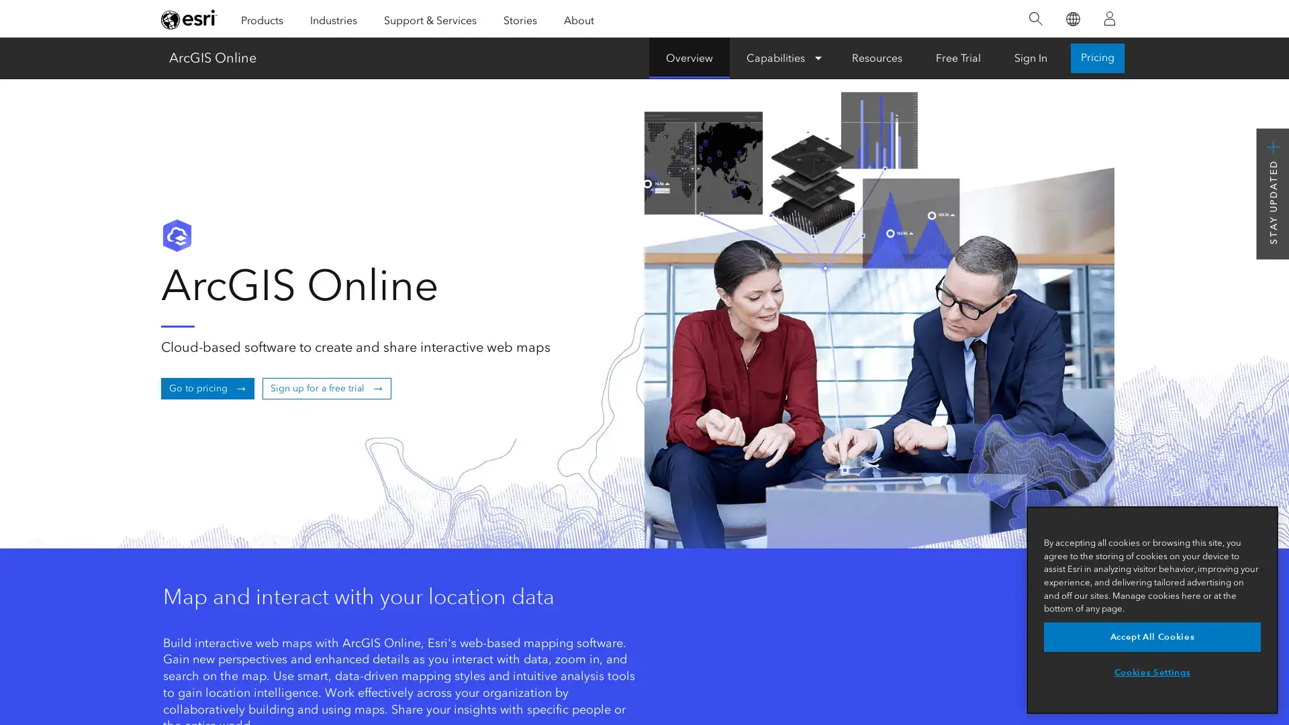 This screenshot has height=725, width=1289. I want to click on Support & Services, so click(430, 18).